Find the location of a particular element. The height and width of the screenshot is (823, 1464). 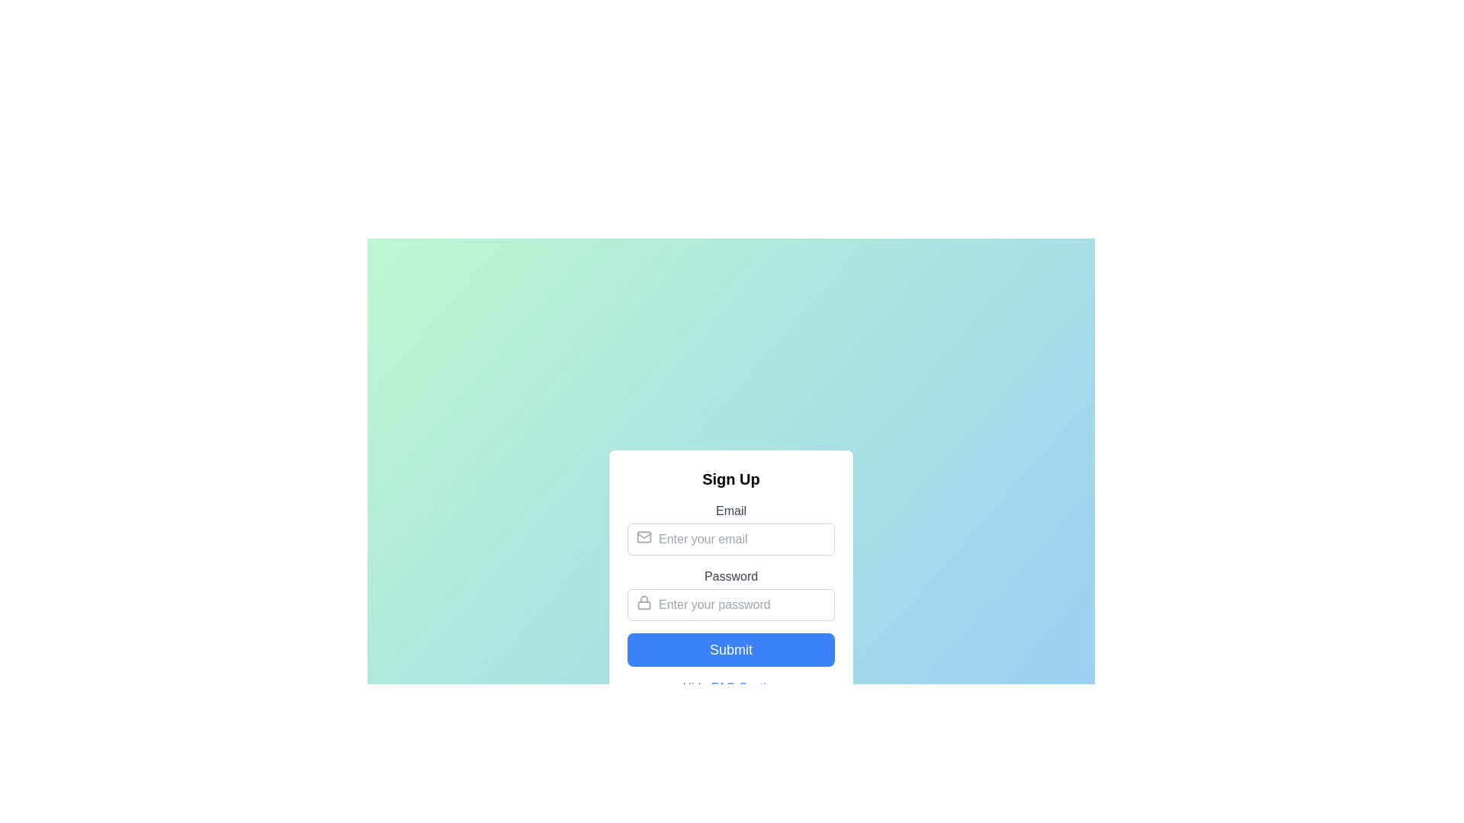

the static text header element that reads 'Sign Up', which is bold and centered, positioned above the 'Email' label in a card layout is located at coordinates (730, 478).